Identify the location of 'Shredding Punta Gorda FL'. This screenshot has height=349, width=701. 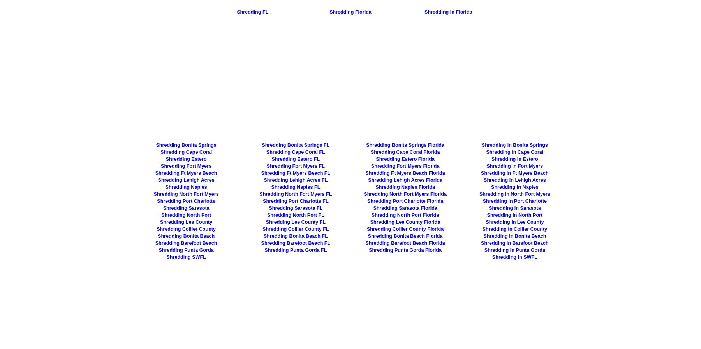
(295, 250).